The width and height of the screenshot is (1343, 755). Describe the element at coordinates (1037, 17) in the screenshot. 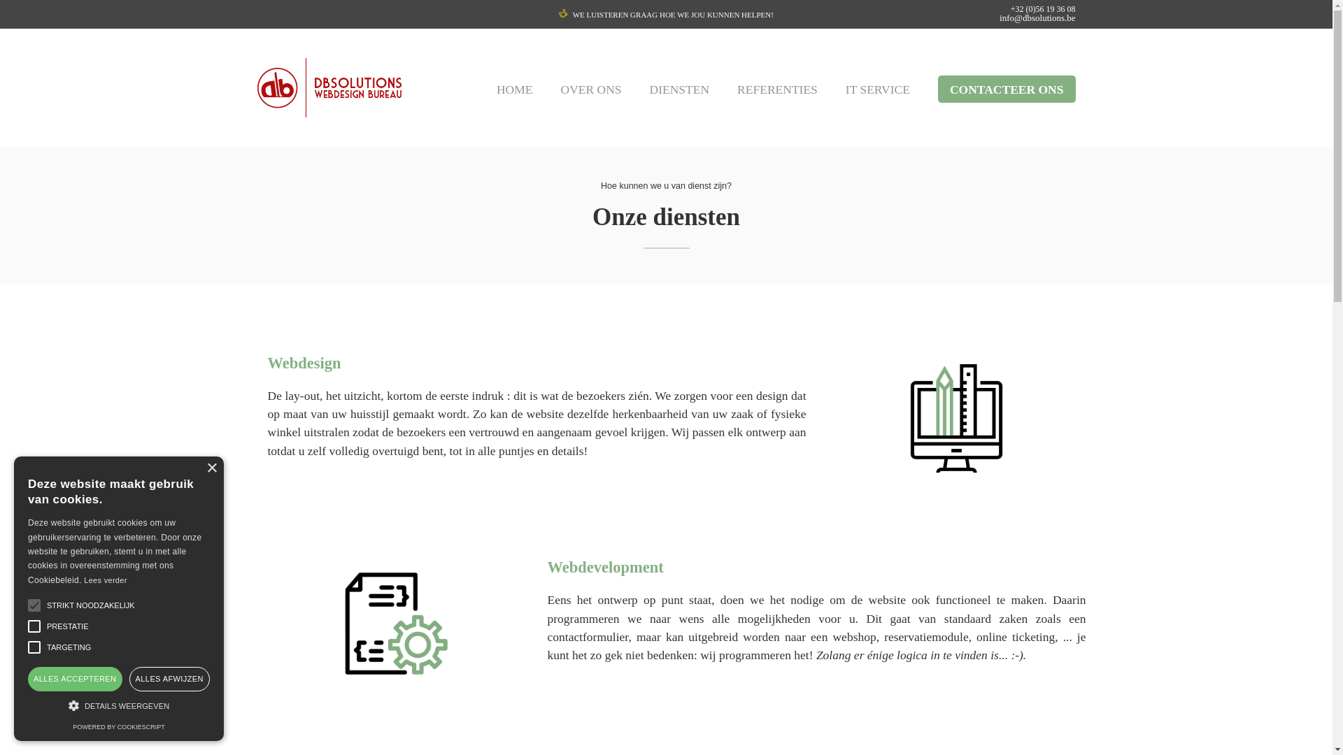

I see `'info@dbsolutions.be'` at that location.